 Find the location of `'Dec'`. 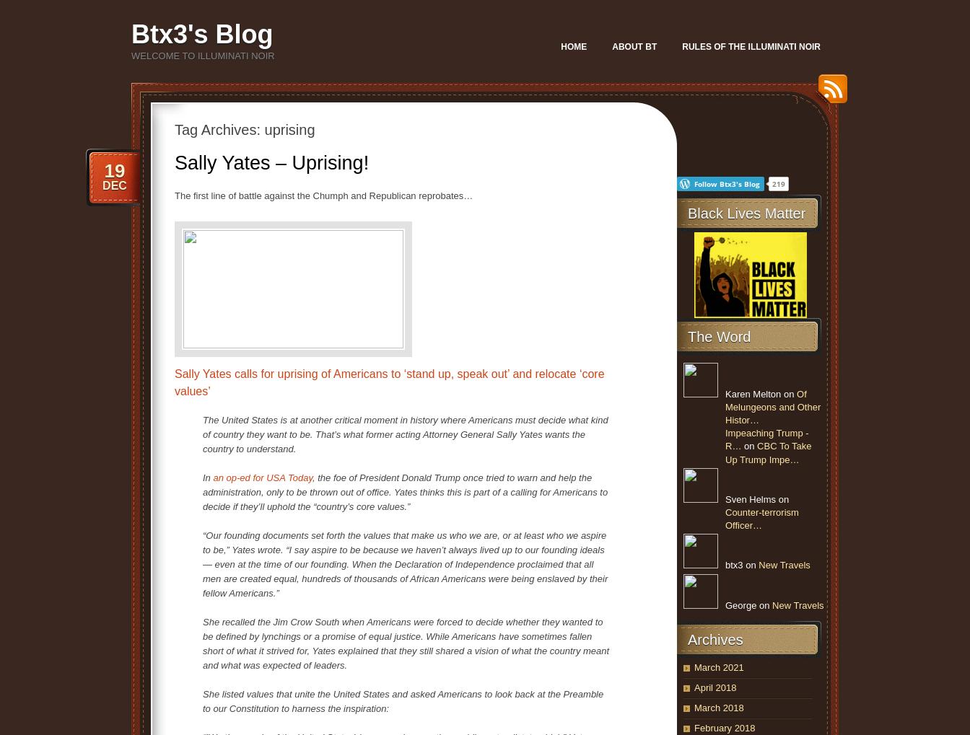

'Dec' is located at coordinates (114, 185).